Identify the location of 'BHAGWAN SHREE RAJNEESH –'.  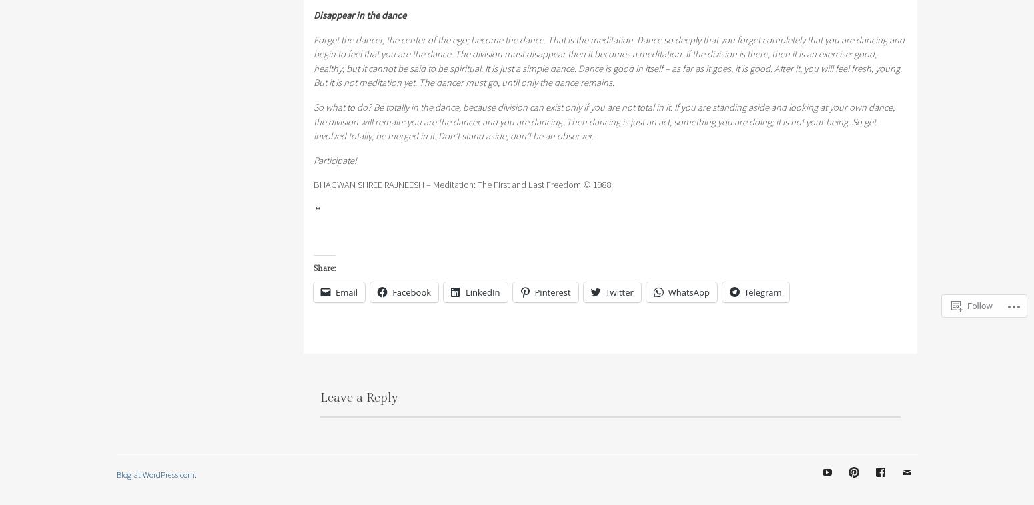
(373, 183).